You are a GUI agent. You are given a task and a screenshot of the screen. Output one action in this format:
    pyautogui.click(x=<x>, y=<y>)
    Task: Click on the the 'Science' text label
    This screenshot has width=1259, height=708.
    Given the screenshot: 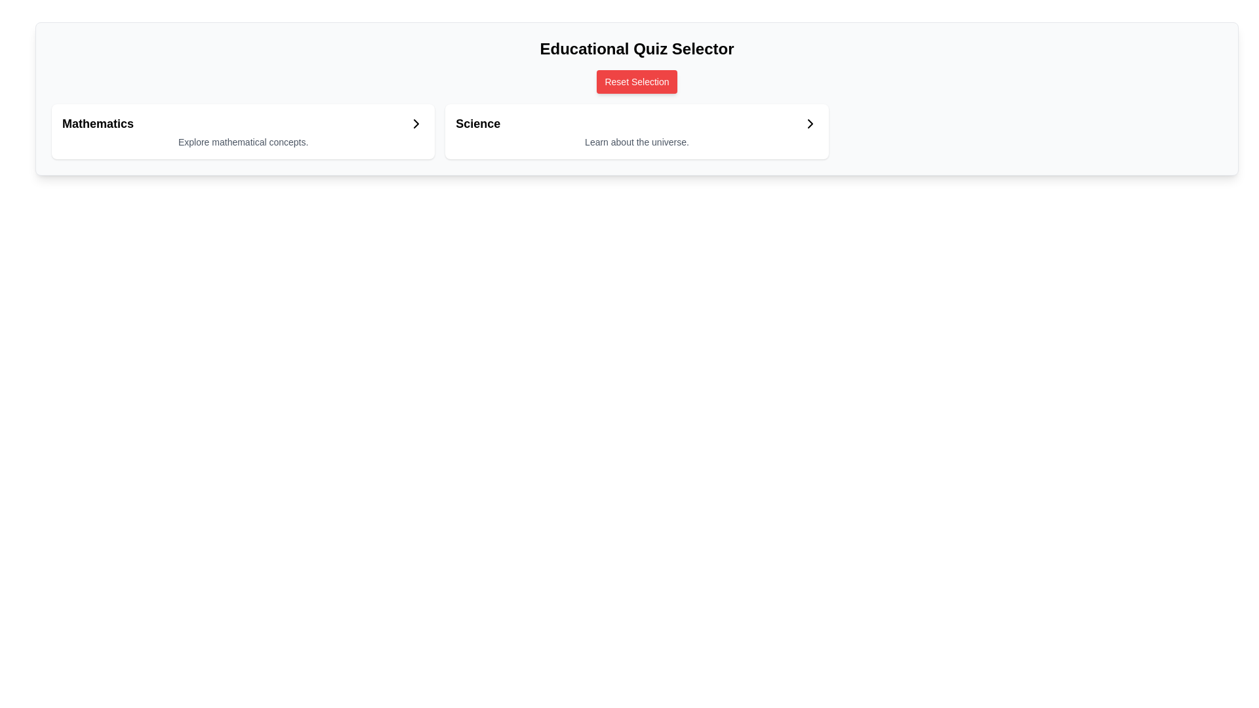 What is the action you would take?
    pyautogui.click(x=477, y=124)
    